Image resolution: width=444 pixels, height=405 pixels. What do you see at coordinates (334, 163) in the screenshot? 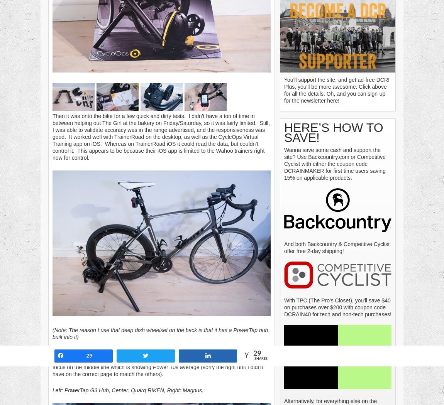
I see `'Wanna save some cash and support the site?  Use Backcountry.com or Competitive Cyclist with either the coupon code DCRAINMAKER for first time users saving 15% on applicable products.'` at bounding box center [334, 163].